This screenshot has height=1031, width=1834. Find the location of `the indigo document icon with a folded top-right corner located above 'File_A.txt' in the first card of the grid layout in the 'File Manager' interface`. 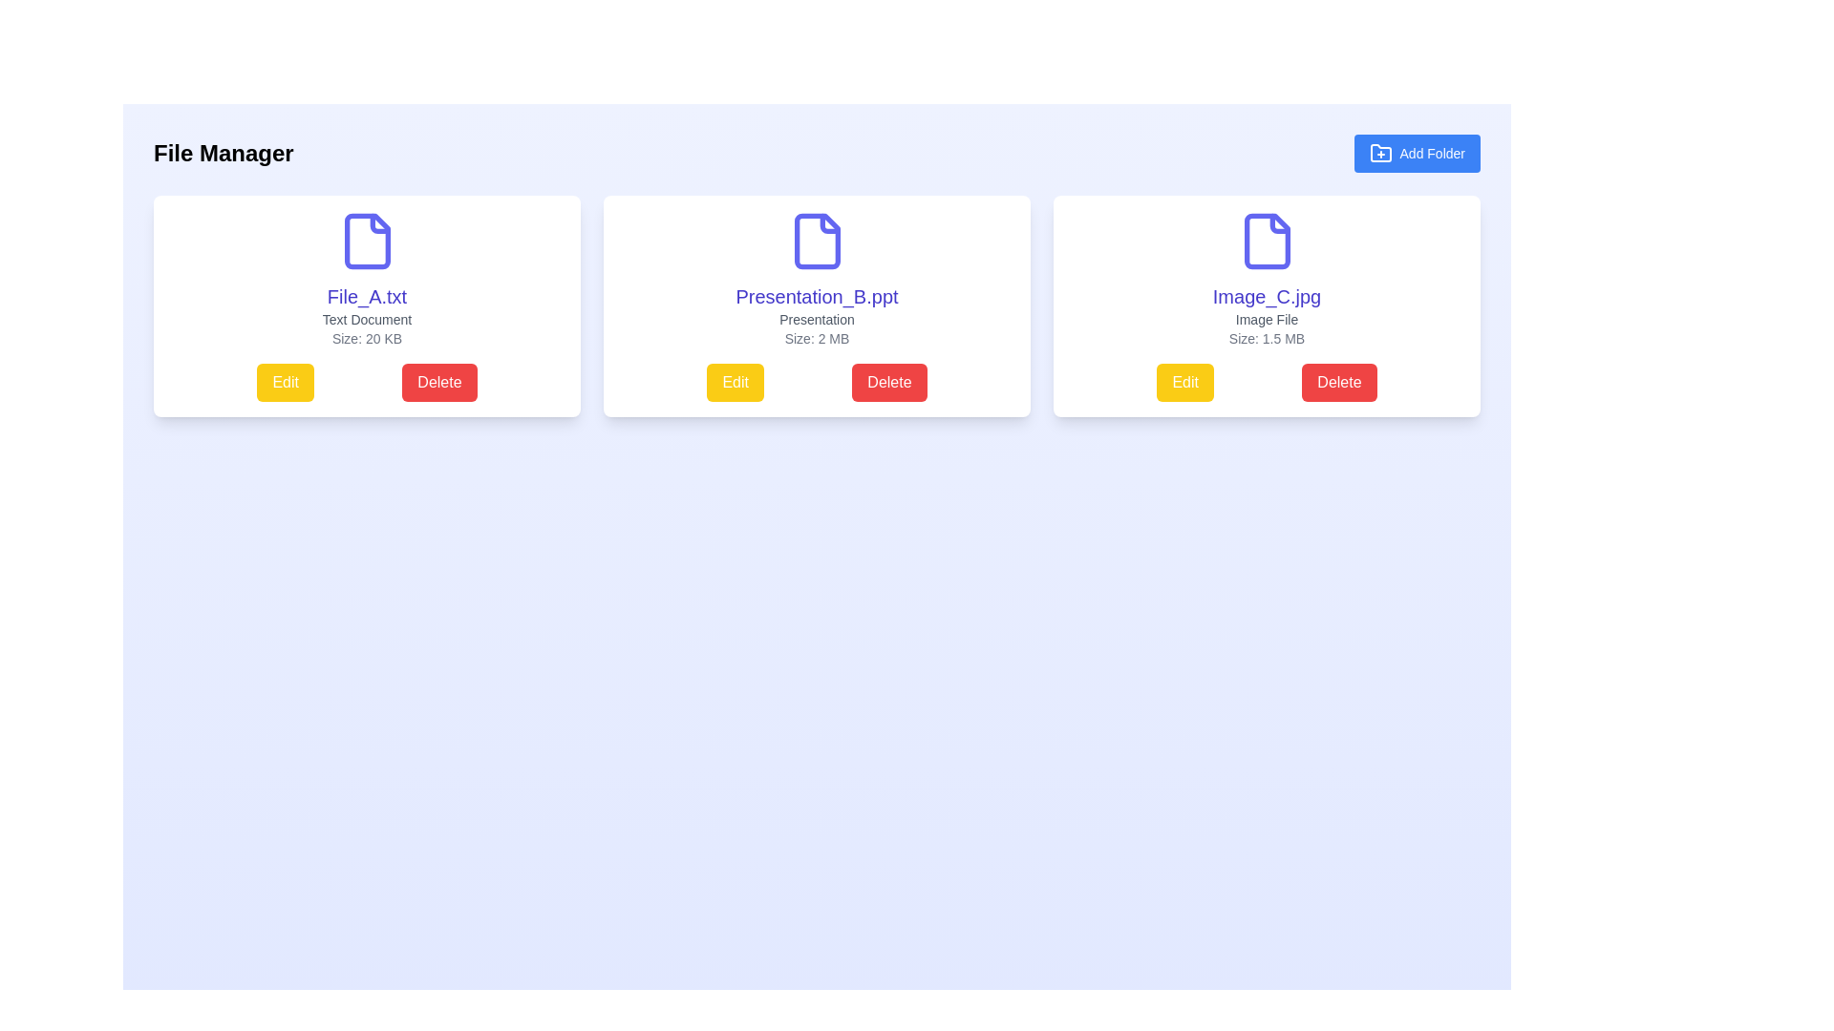

the indigo document icon with a folded top-right corner located above 'File_A.txt' in the first card of the grid layout in the 'File Manager' interface is located at coordinates (367, 241).